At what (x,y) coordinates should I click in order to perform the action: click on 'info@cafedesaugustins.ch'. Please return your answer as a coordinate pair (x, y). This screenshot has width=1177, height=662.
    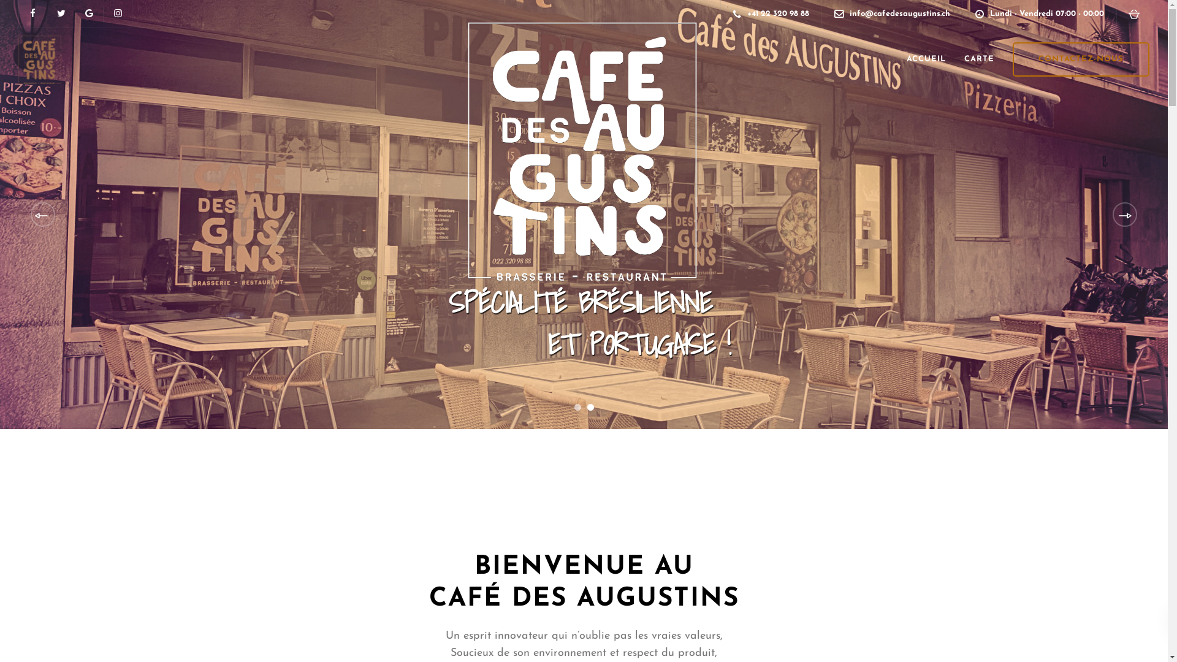
    Looking at the image, I should click on (849, 13).